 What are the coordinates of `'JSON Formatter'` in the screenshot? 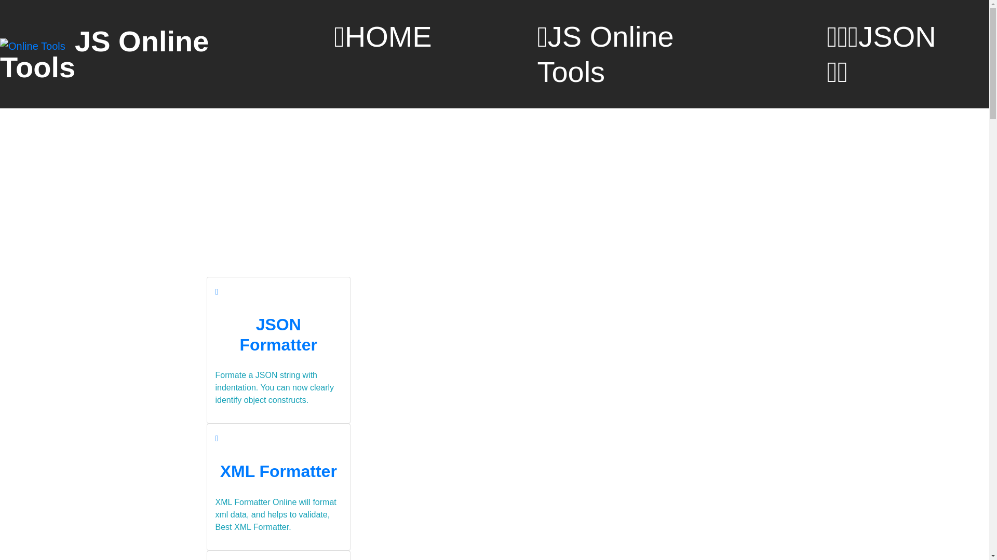 It's located at (278, 334).